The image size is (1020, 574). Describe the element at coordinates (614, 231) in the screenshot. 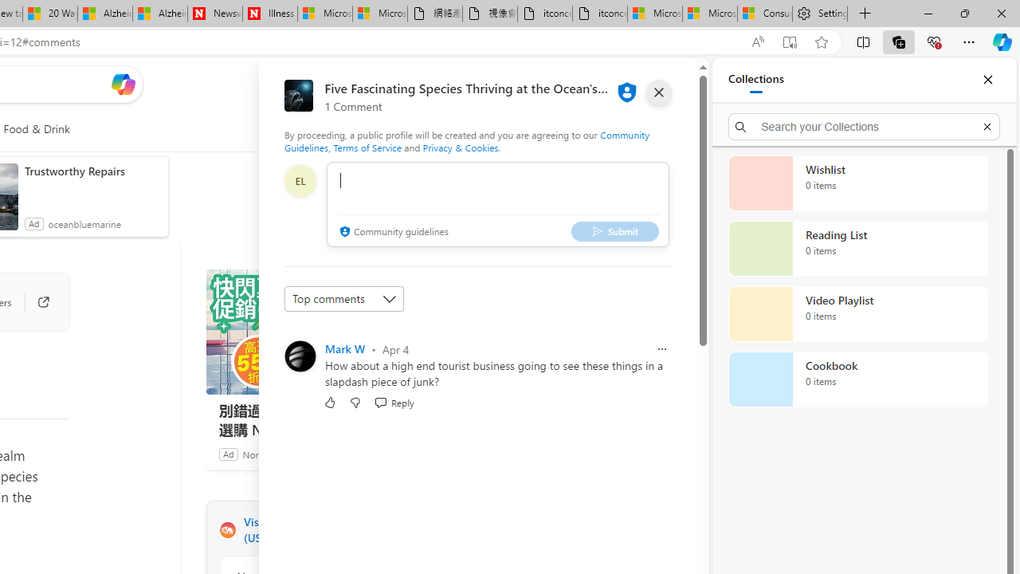

I see `'Submit'` at that location.